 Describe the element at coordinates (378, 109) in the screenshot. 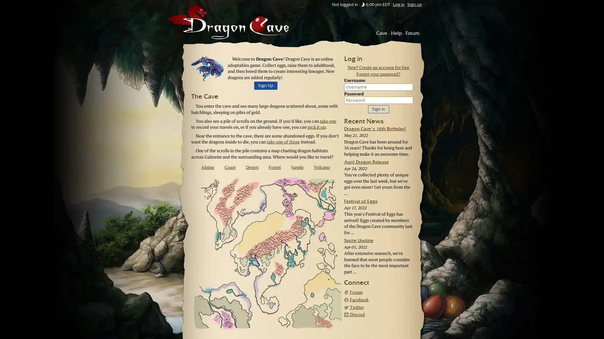

I see `Sign in` at that location.